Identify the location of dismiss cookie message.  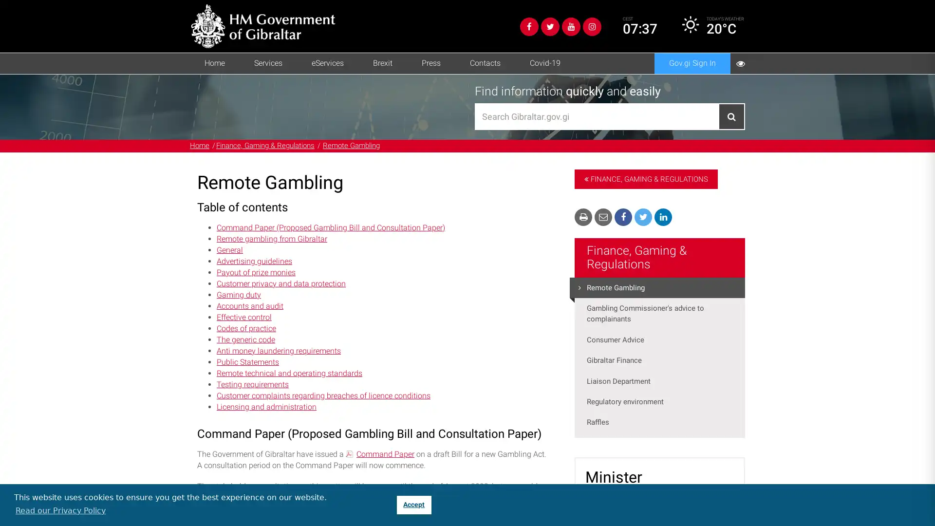
(413, 504).